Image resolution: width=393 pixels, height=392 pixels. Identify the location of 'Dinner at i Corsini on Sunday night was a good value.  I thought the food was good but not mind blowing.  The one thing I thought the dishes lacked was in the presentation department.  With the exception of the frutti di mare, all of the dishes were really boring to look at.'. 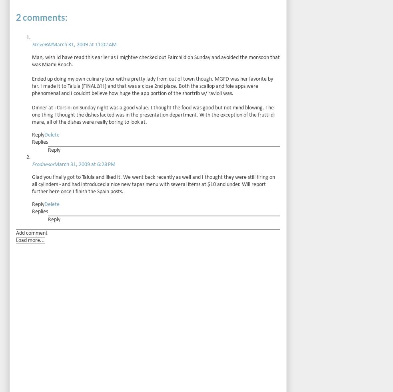
(32, 115).